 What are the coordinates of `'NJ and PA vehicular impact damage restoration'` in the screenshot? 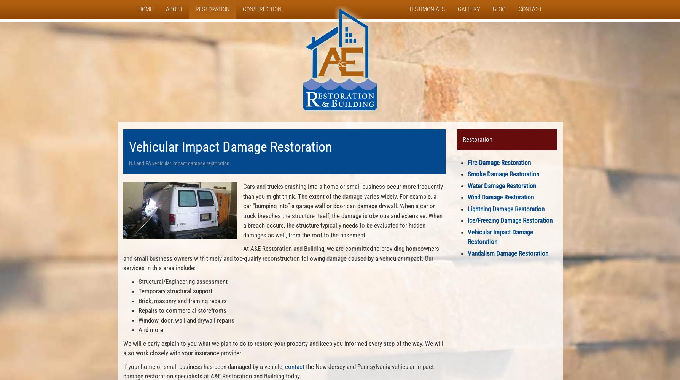 It's located at (128, 163).